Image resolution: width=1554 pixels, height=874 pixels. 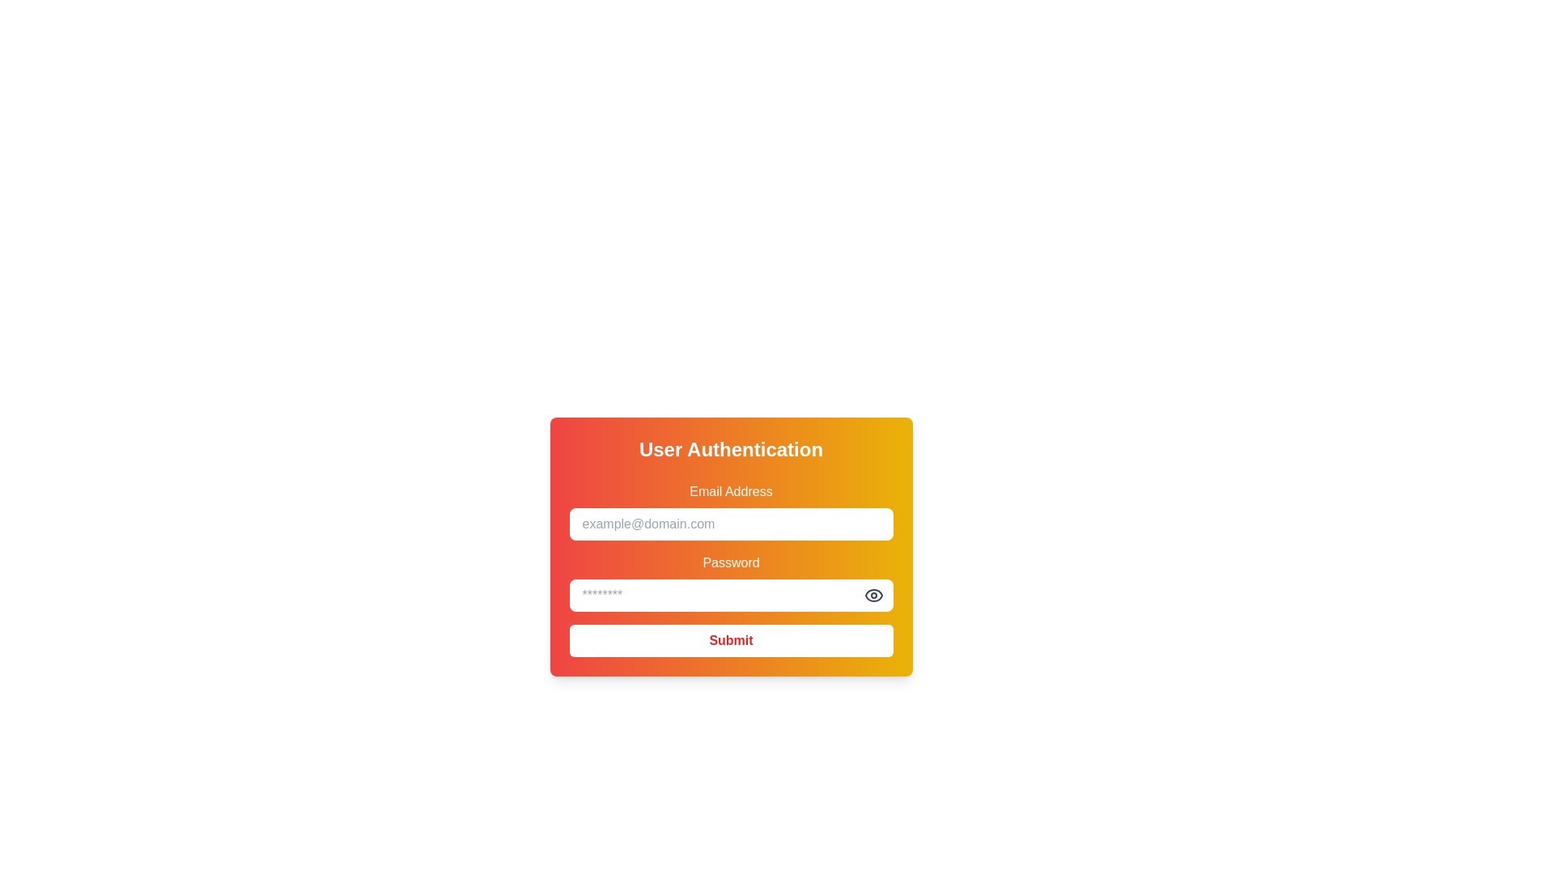 I want to click on the label element that provides the purpose for the email input field in the user authentication form, which is located directly above the email input field with the placeholder 'example@domain.com', so click(x=730, y=491).